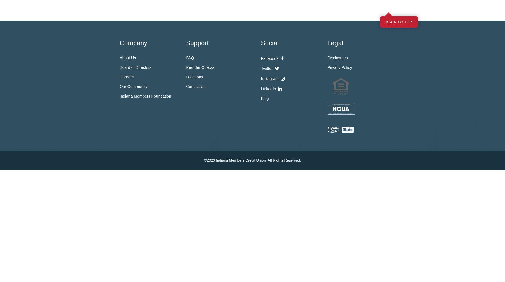 This screenshot has height=282, width=505. What do you see at coordinates (133, 43) in the screenshot?
I see `'Company'` at bounding box center [133, 43].